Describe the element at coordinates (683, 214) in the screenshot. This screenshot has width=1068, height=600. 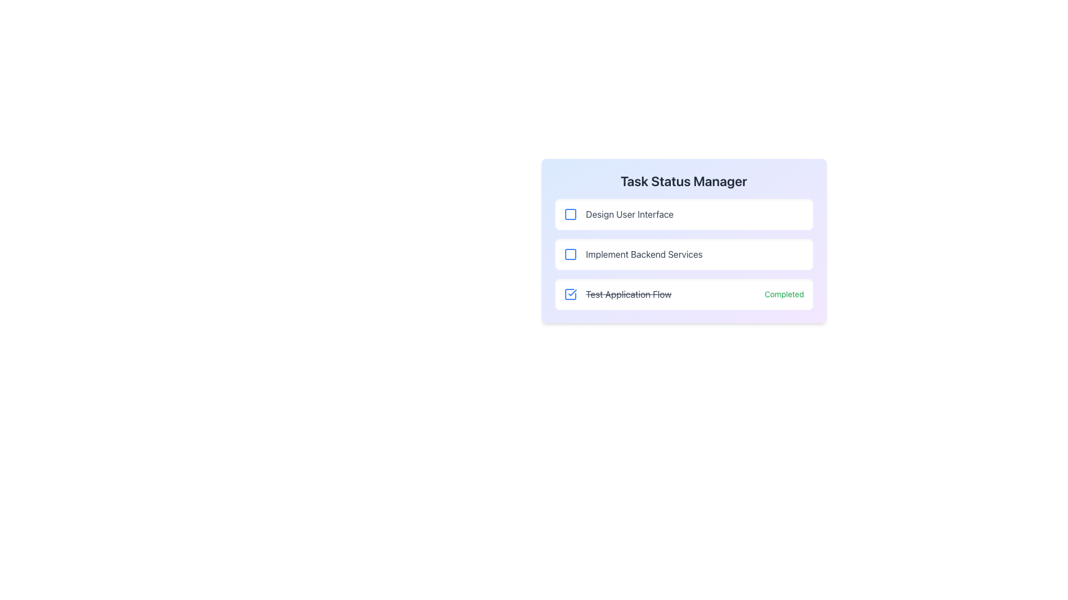
I see `the blue square checkbox of the list item labeled 'Design User Interface'` at that location.